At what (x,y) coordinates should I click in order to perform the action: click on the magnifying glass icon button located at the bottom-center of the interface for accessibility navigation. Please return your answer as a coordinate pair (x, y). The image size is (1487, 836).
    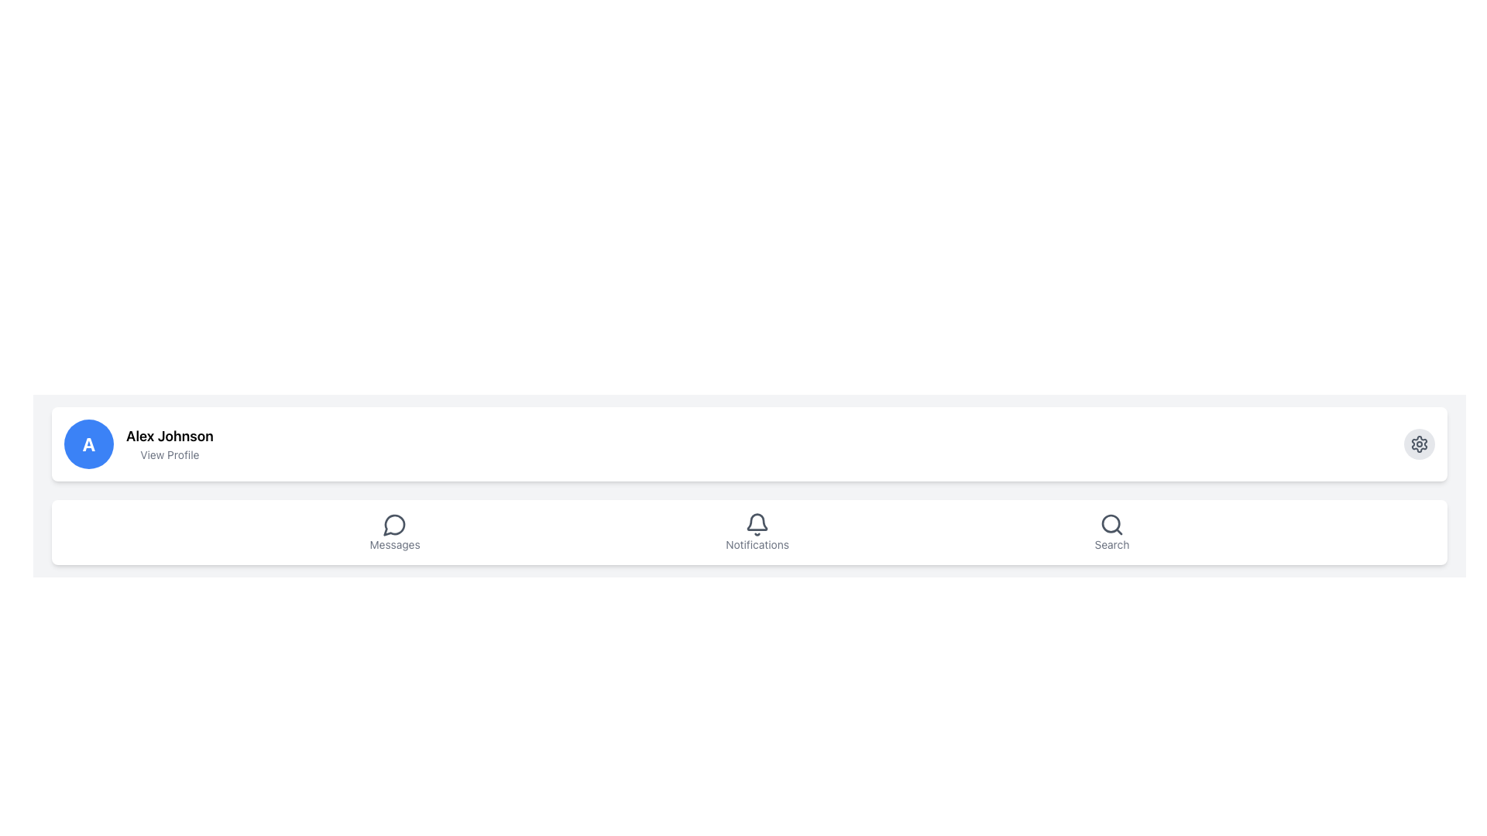
    Looking at the image, I should click on (1111, 524).